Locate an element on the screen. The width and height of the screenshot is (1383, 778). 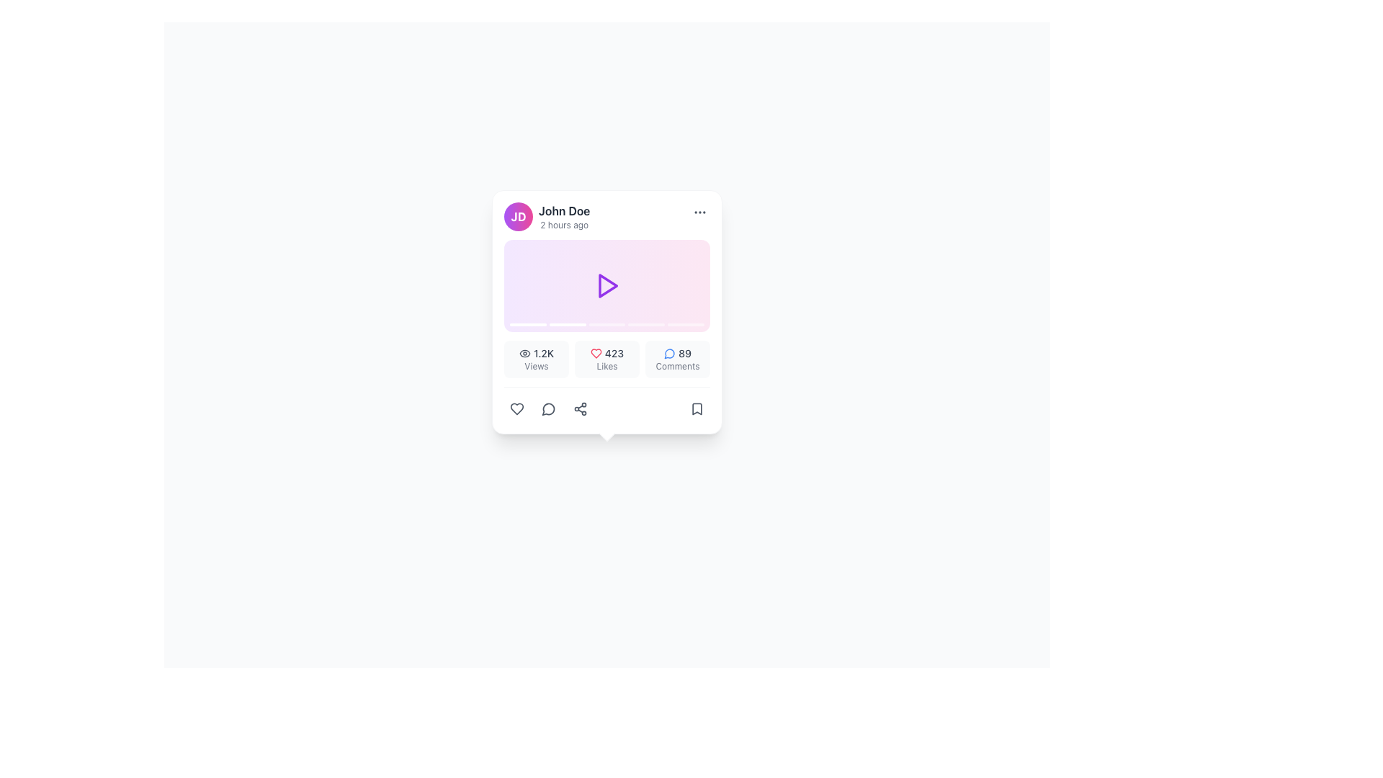
the Profile display element featuring an avatar with initials 'JD', the name 'John Doe', and the time '2 hours ago' is located at coordinates (546, 216).